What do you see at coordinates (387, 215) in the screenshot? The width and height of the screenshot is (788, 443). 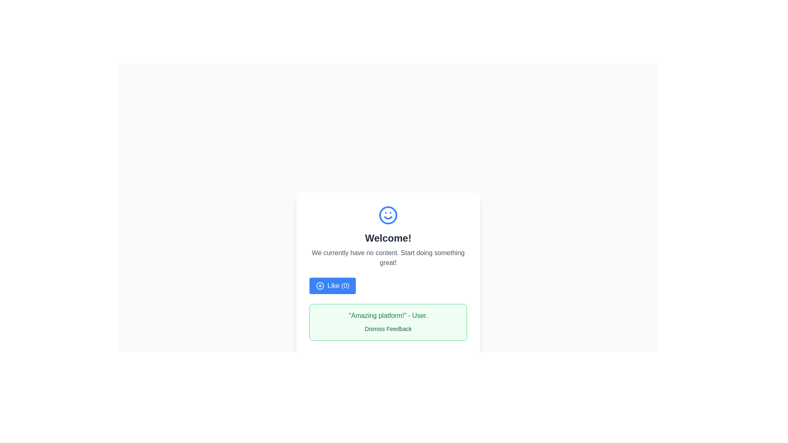 I see `the outermost circle SVG element that serves as a visual boundary for the smile icon, located at the top center of the card interface above the text 'Welcome!'` at bounding box center [387, 215].